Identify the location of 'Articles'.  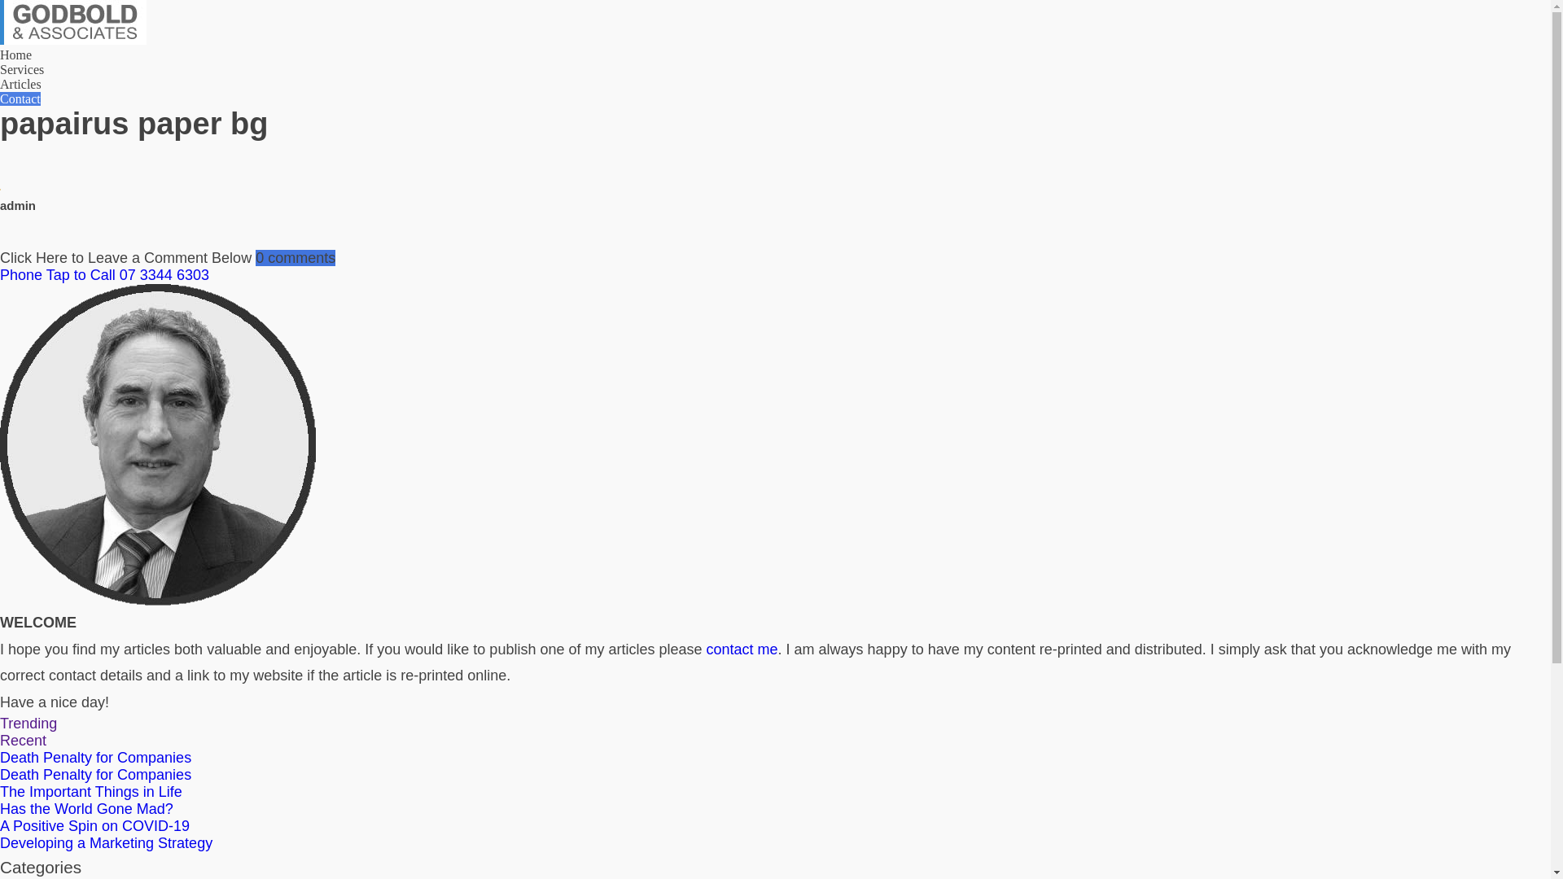
(20, 84).